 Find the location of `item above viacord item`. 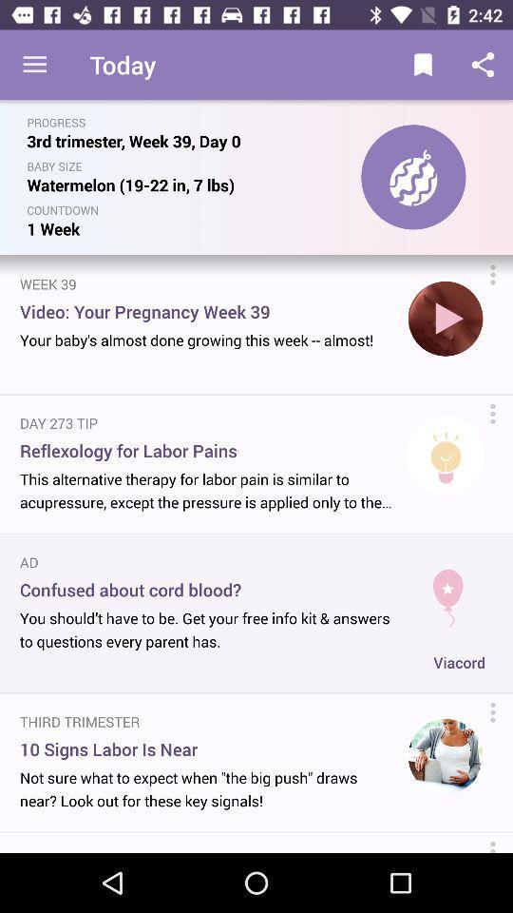

item above viacord item is located at coordinates (447, 590).